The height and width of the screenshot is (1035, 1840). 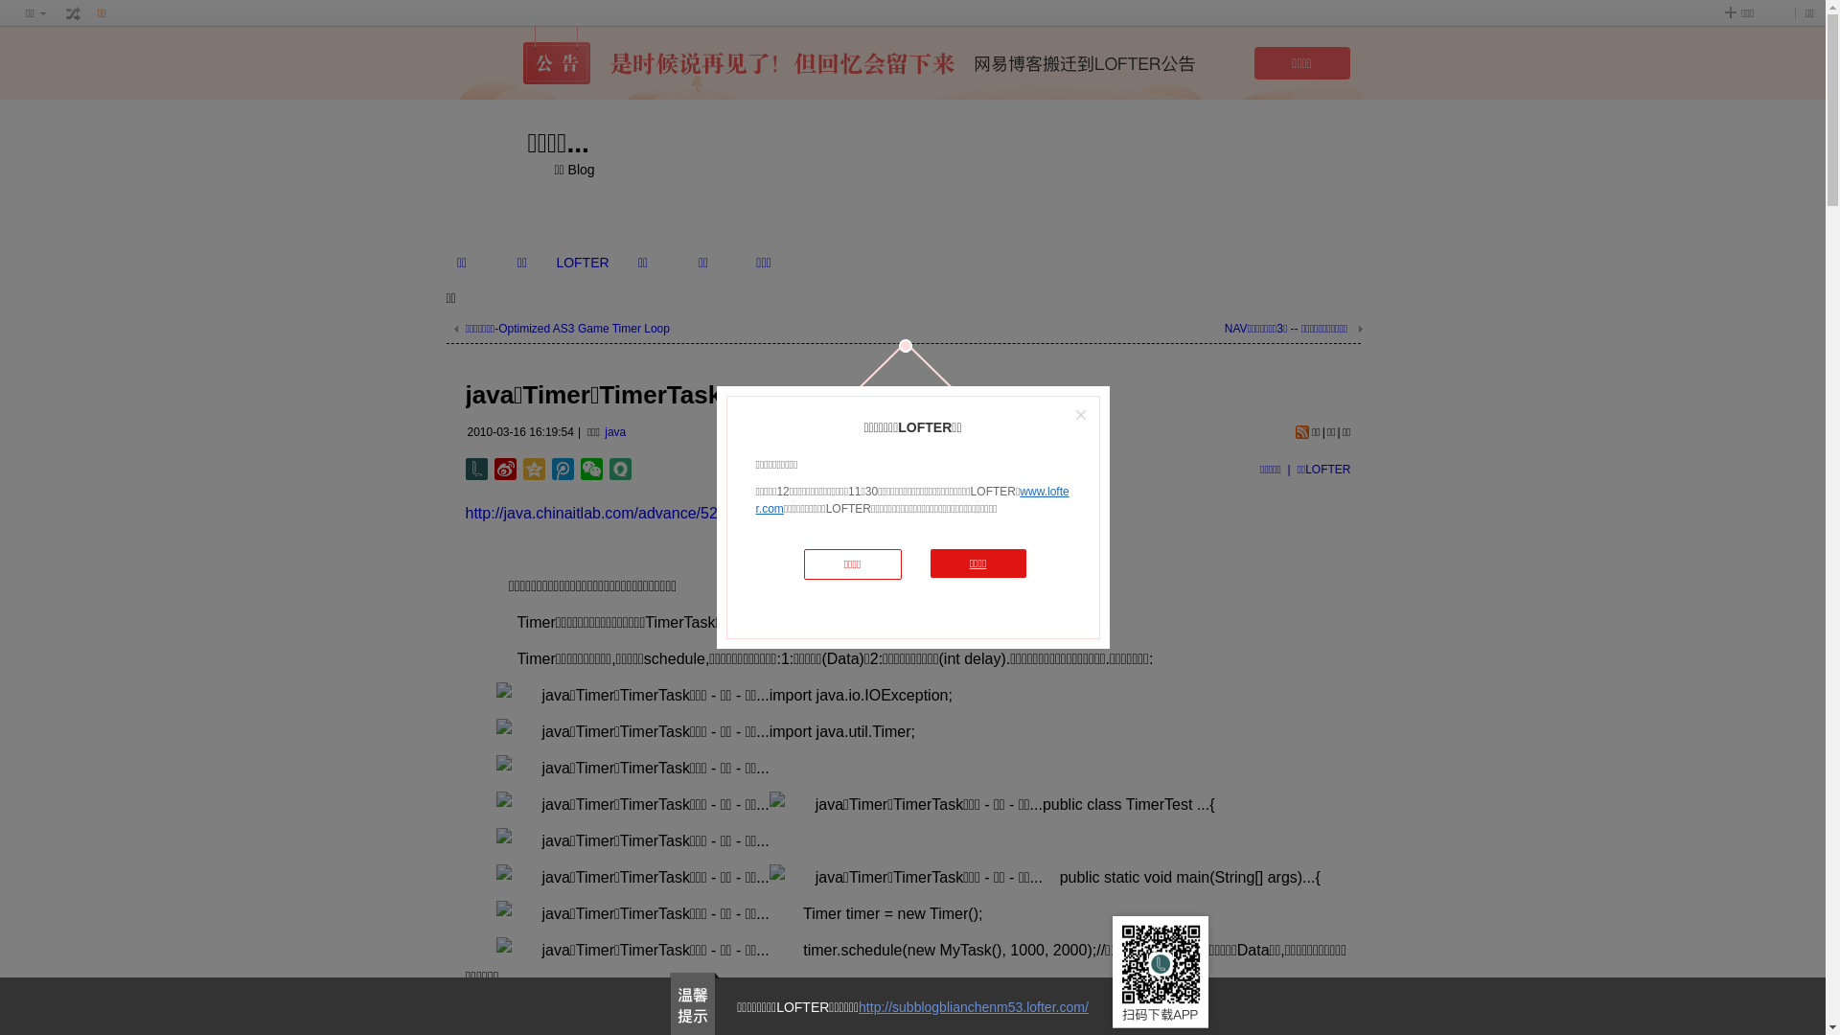 I want to click on 'LOFTER', so click(x=581, y=262).